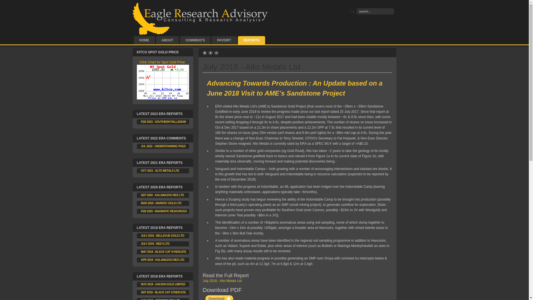  What do you see at coordinates (163, 252) in the screenshot?
I see `'MAY 2019 - BLACK CAT SYNDICATE'` at bounding box center [163, 252].